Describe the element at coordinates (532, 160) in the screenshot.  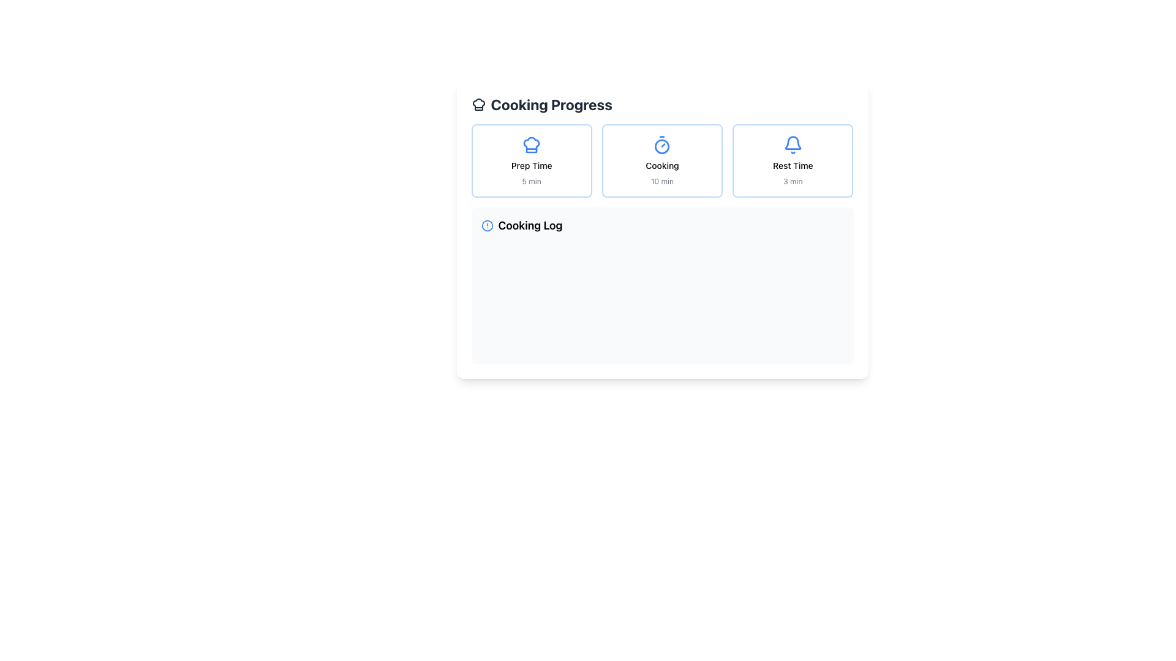
I see `the first Interactive information card located in the top left corner of the card grid to interact with it` at that location.